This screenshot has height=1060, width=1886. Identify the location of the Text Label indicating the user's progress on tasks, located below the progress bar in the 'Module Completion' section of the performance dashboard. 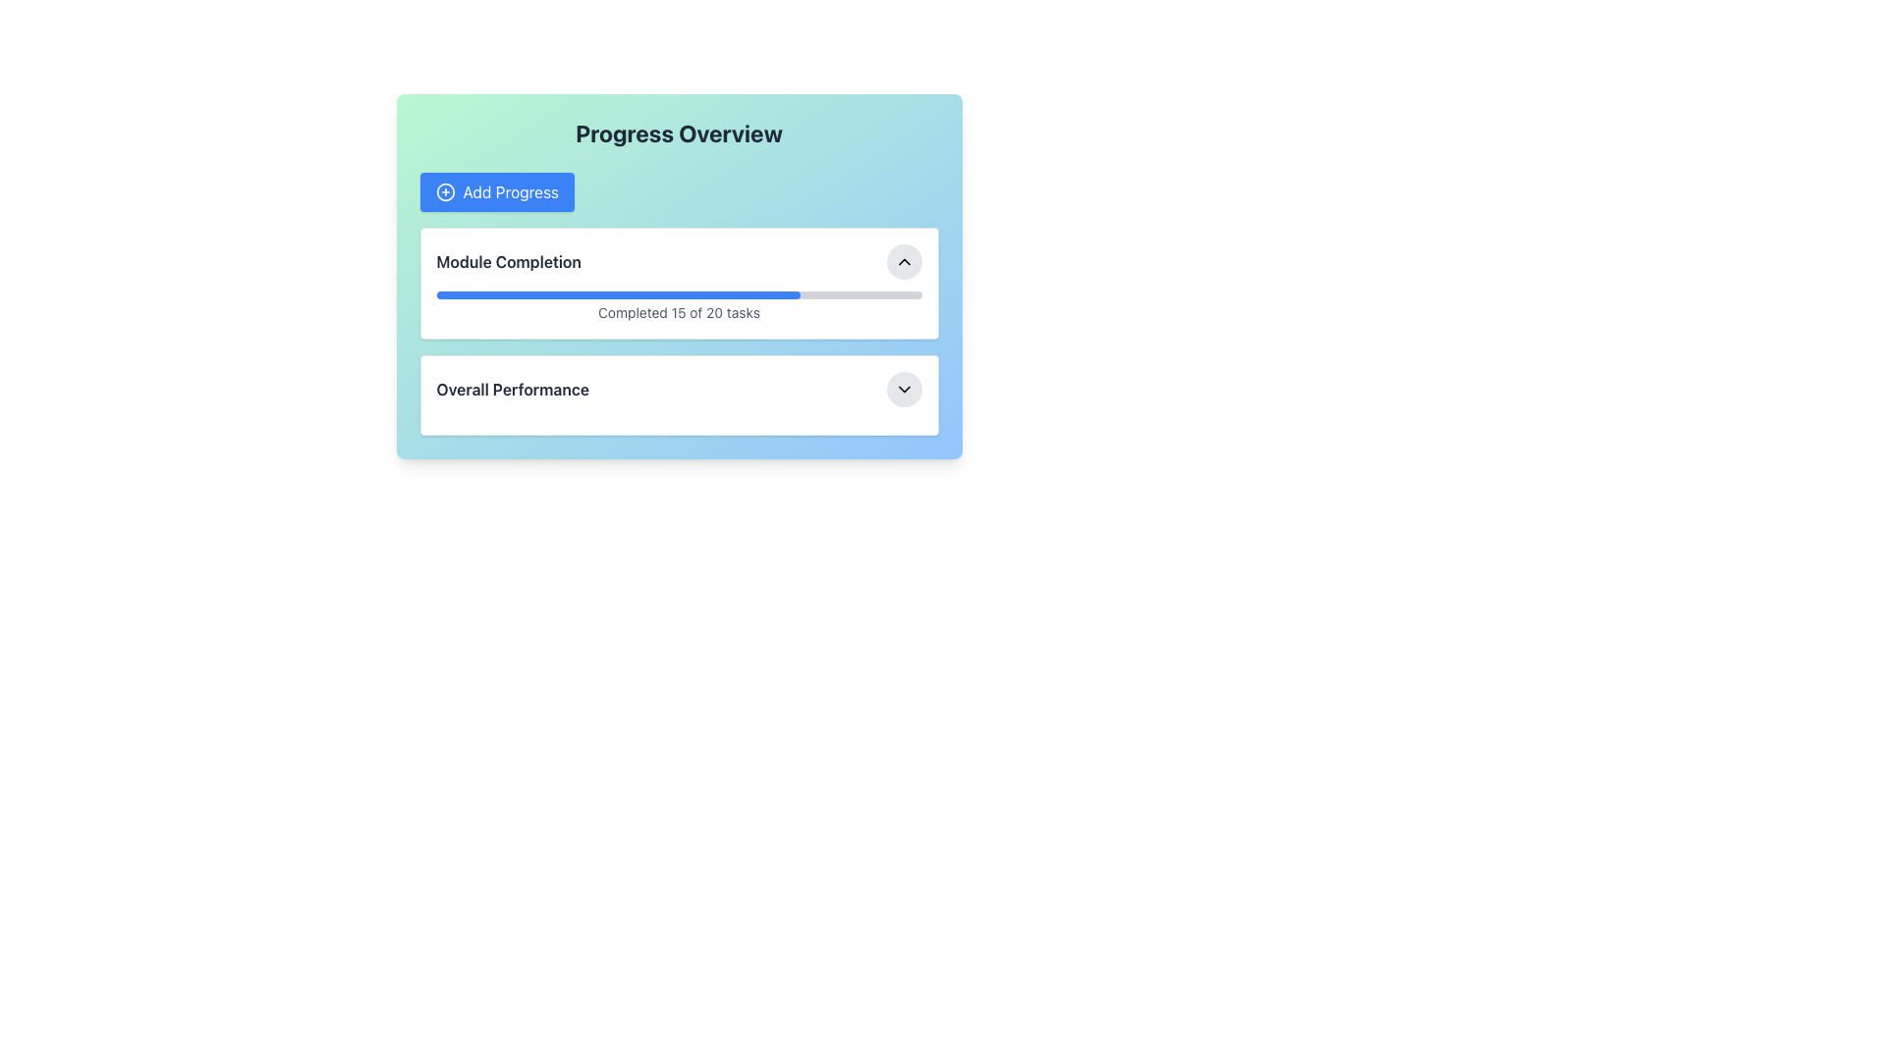
(679, 312).